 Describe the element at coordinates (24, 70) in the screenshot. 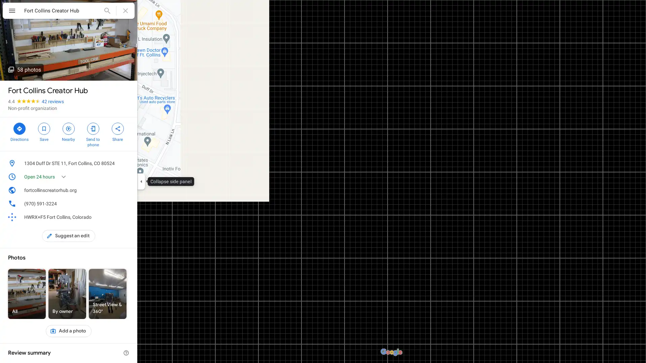

I see `58 photos` at that location.